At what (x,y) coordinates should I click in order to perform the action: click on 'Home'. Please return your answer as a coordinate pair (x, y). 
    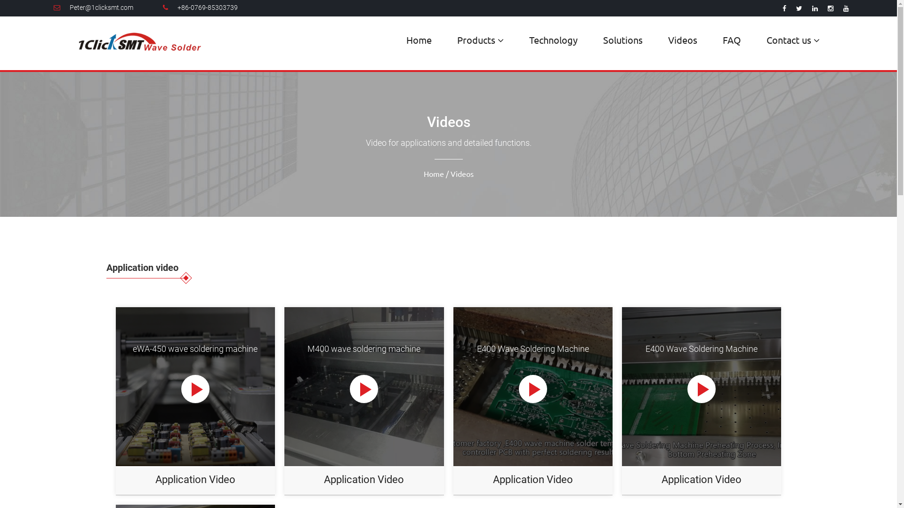
    Looking at the image, I should click on (418, 39).